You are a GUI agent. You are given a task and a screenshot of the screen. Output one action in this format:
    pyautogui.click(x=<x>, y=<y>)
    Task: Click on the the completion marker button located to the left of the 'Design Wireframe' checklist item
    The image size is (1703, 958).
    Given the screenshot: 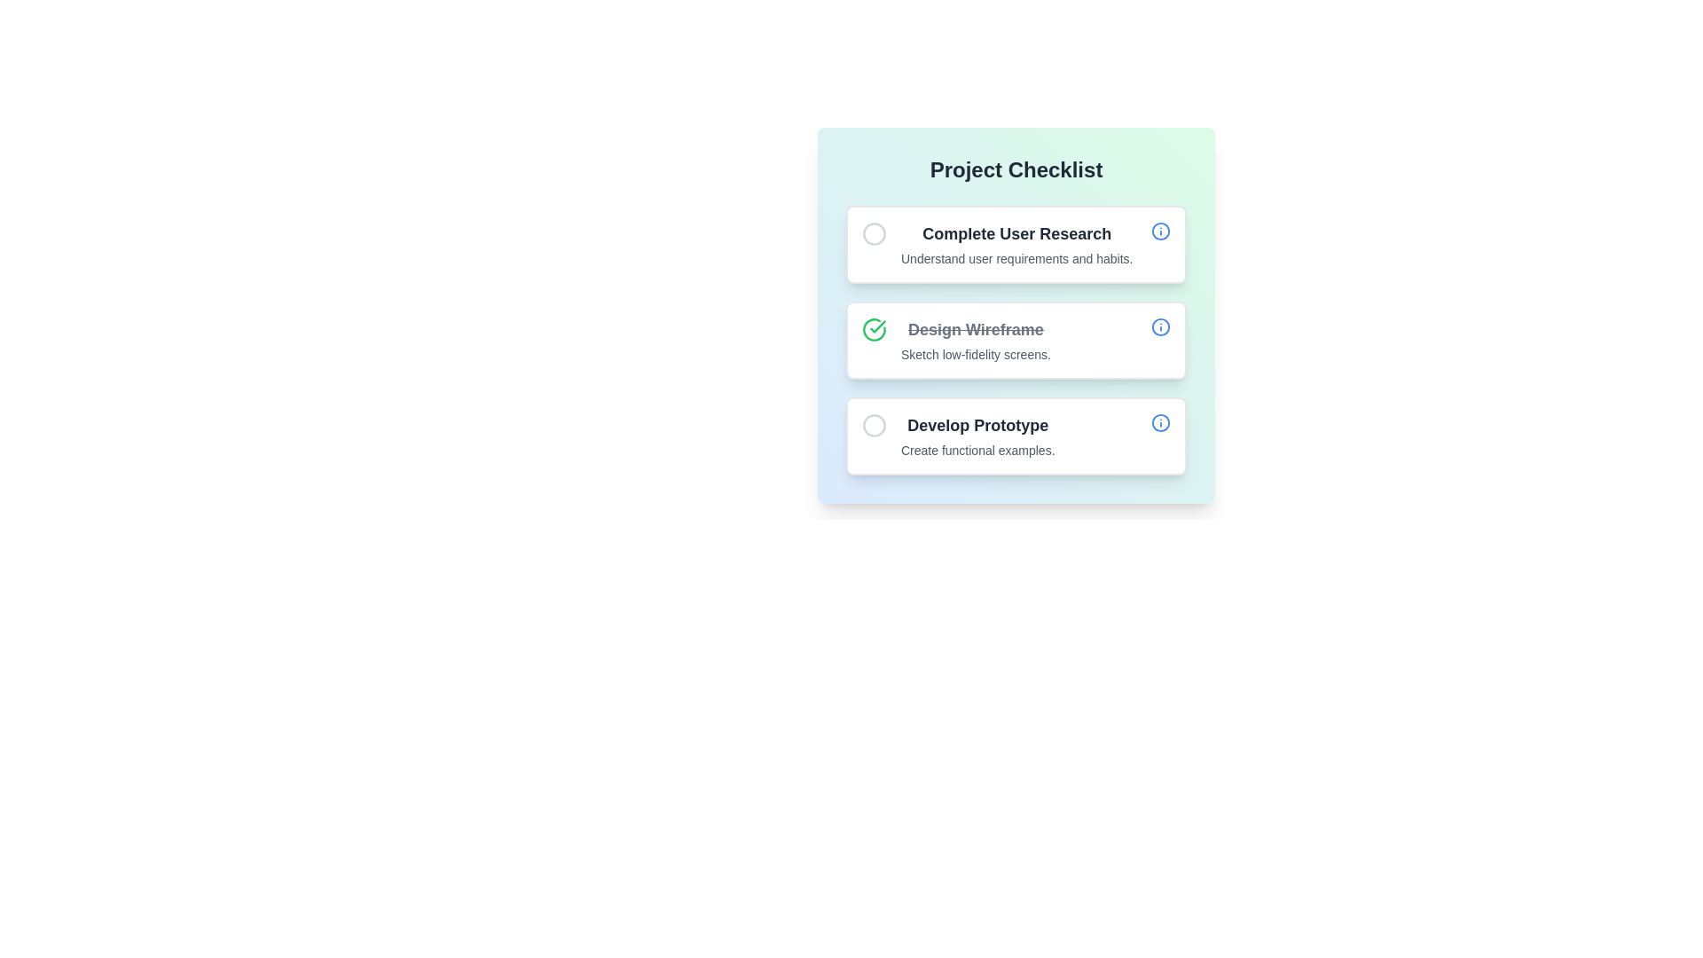 What is the action you would take?
    pyautogui.click(x=874, y=329)
    